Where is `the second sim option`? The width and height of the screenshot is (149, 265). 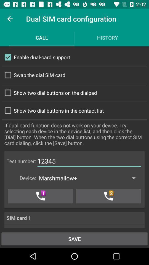 the second sim option is located at coordinates (108, 196).